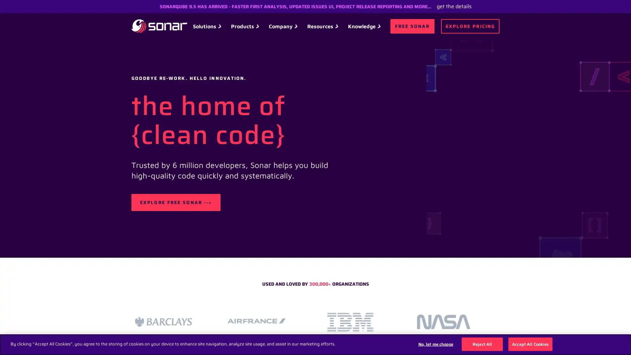 Image resolution: width=631 pixels, height=355 pixels. Describe the element at coordinates (216, 26) in the screenshot. I see `Solutions` at that location.